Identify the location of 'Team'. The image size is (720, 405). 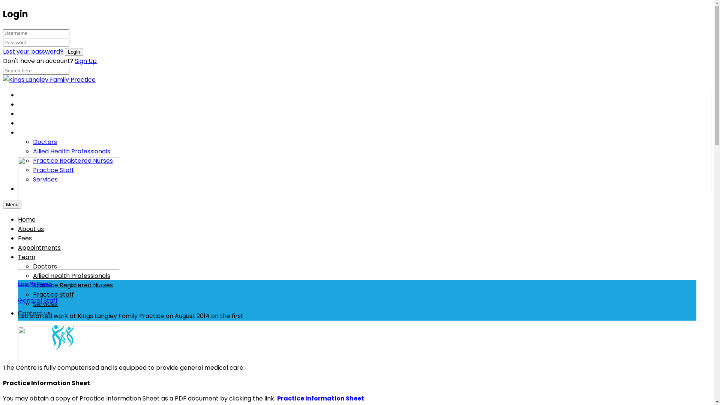
(27, 256).